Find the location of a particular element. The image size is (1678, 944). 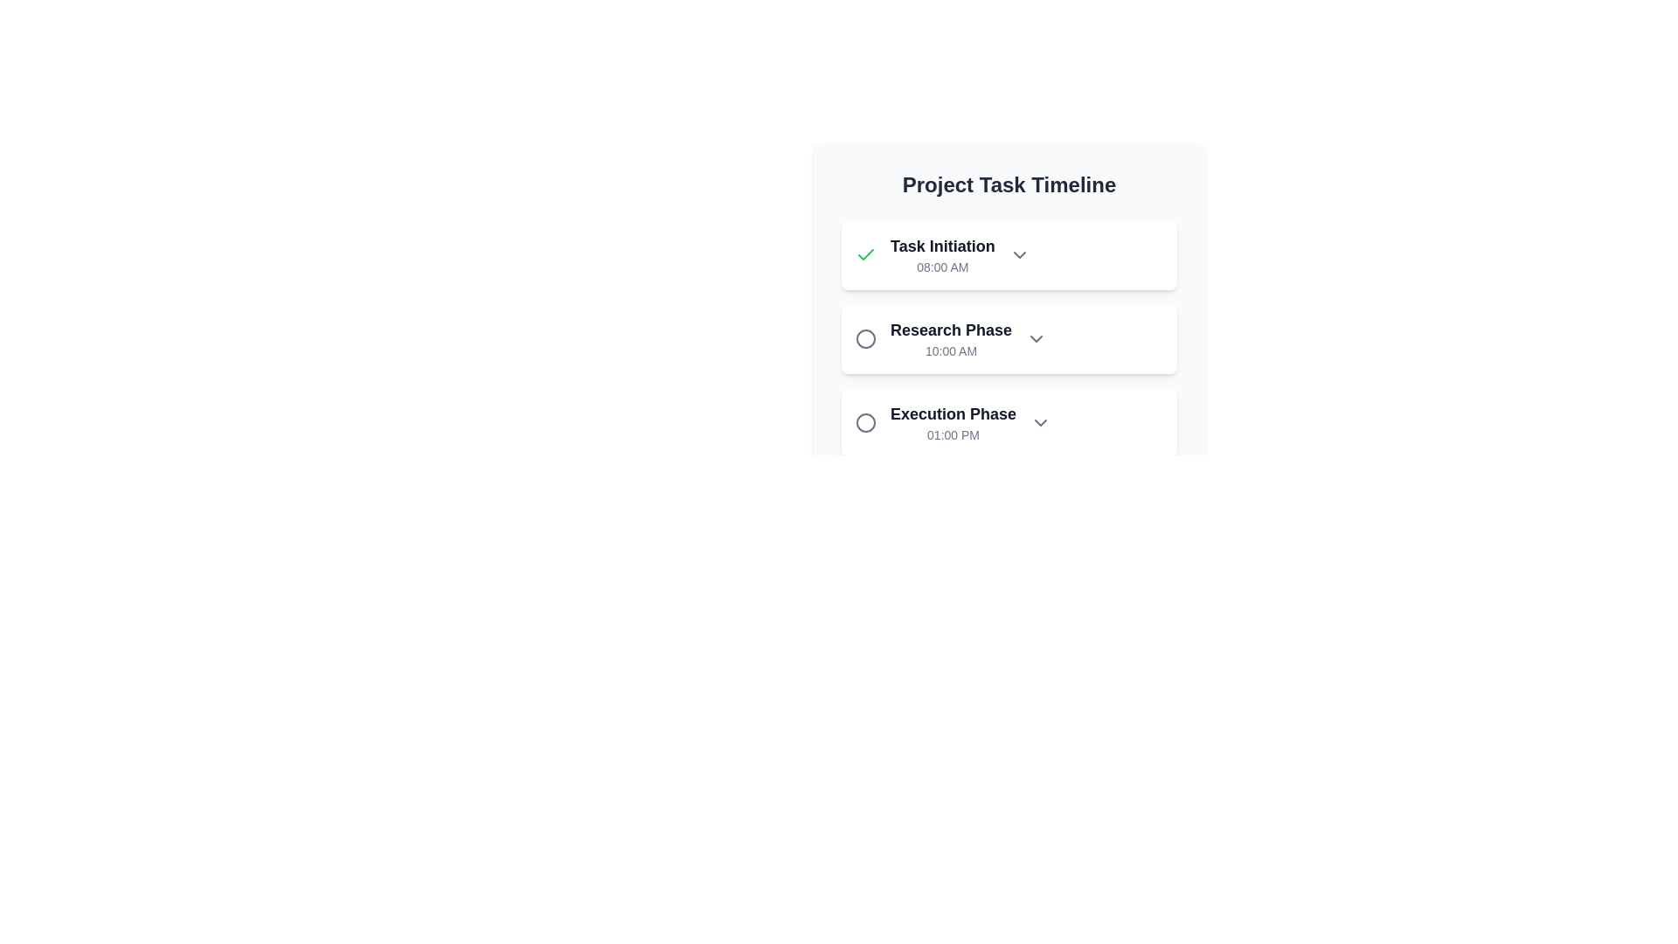

the icon button representing a dropdown functionality, which is a dark gray chevron located to the far right of the task initiation phase, next to '08:00 AM' is located at coordinates (1019, 255).